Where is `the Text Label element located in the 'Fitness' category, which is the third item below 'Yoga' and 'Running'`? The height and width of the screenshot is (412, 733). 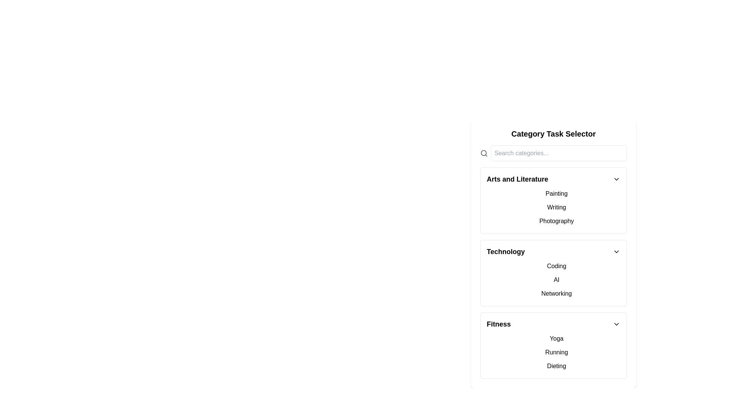 the Text Label element located in the 'Fitness' category, which is the third item below 'Yoga' and 'Running' is located at coordinates (557, 366).